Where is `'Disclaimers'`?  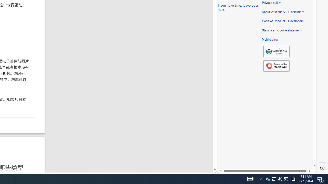 'Disclaimers' is located at coordinates (296, 12).